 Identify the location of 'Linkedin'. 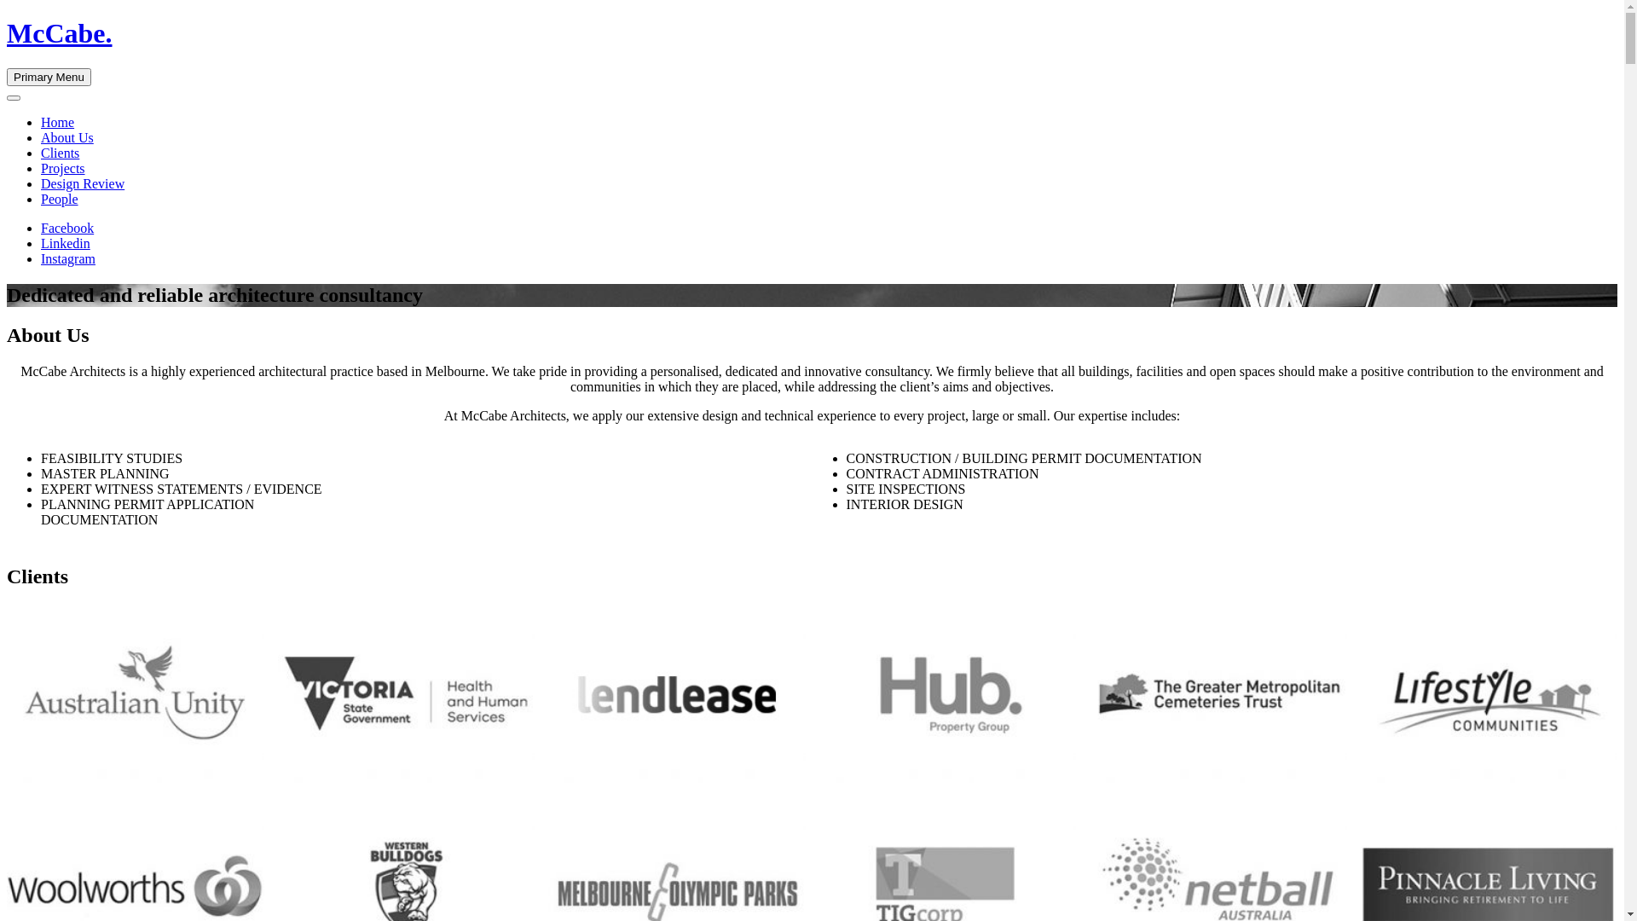
(65, 243).